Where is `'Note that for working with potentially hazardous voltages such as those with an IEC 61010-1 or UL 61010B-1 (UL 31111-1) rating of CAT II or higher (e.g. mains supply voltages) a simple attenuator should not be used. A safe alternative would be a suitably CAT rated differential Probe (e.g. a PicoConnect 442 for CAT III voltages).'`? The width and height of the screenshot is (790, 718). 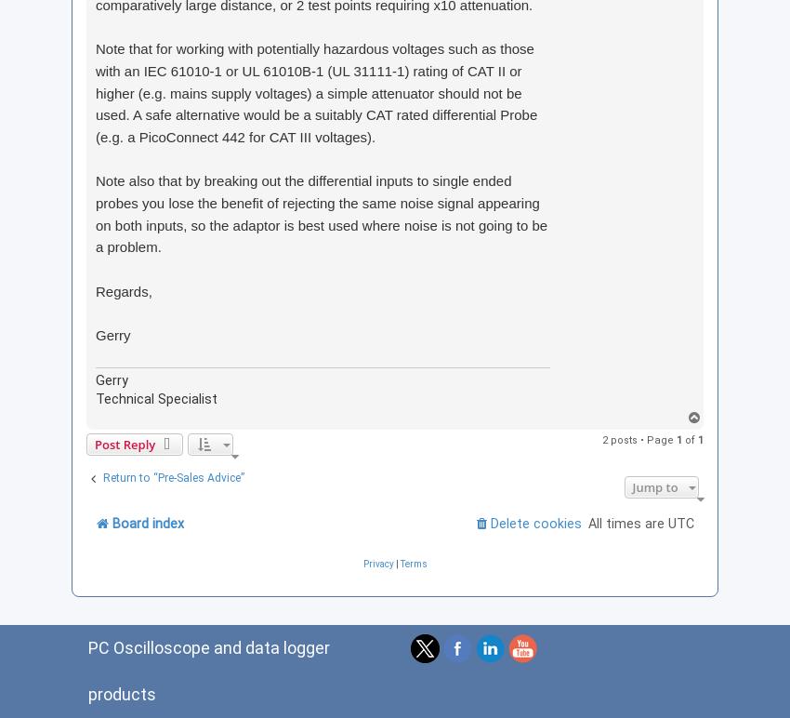
'Note that for working with potentially hazardous voltages such as those with an IEC 61010-1 or UL 61010B-1 (UL 31111-1) rating of CAT II or higher (e.g. mains supply voltages) a simple attenuator should not be used. A safe alternative would be a suitably CAT rated differential Probe (e.g. a PicoConnect 442 for CAT III voltages).' is located at coordinates (316, 91).